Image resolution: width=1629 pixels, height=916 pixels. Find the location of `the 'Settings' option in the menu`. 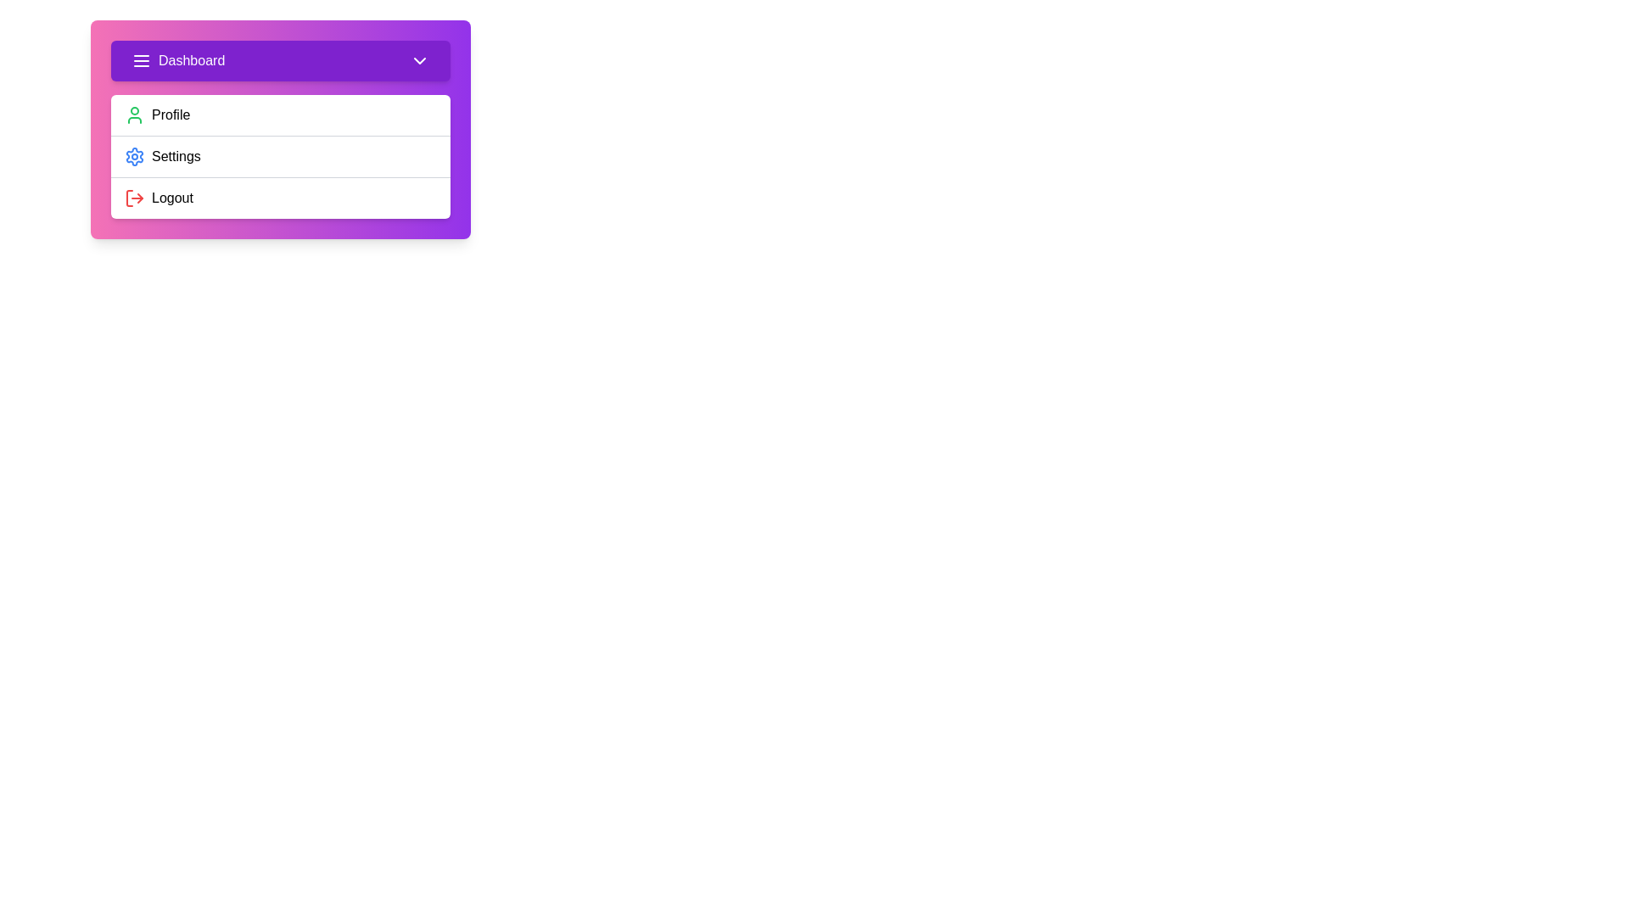

the 'Settings' option in the menu is located at coordinates (281, 156).